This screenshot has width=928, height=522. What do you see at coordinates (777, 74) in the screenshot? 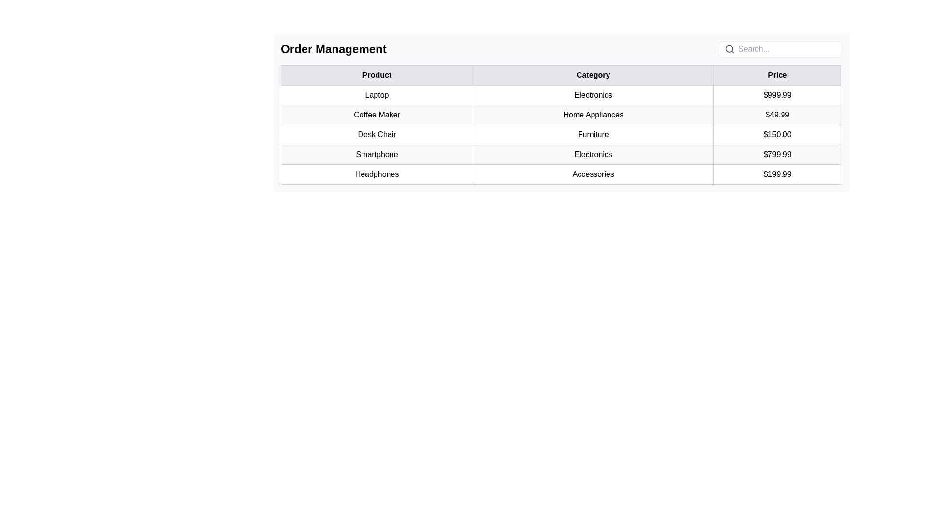
I see `the 'Price' table header, which organizes data in the table under the 'Price' descriptor` at bounding box center [777, 74].